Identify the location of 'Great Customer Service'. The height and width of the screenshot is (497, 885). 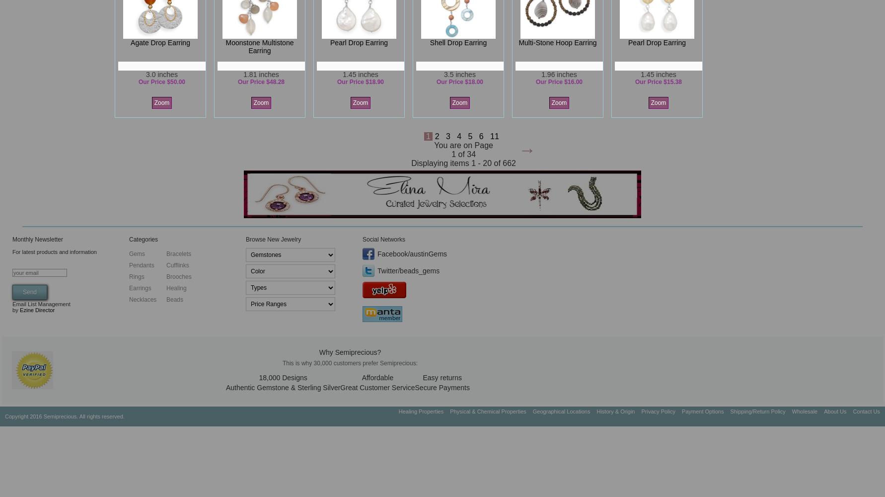
(377, 388).